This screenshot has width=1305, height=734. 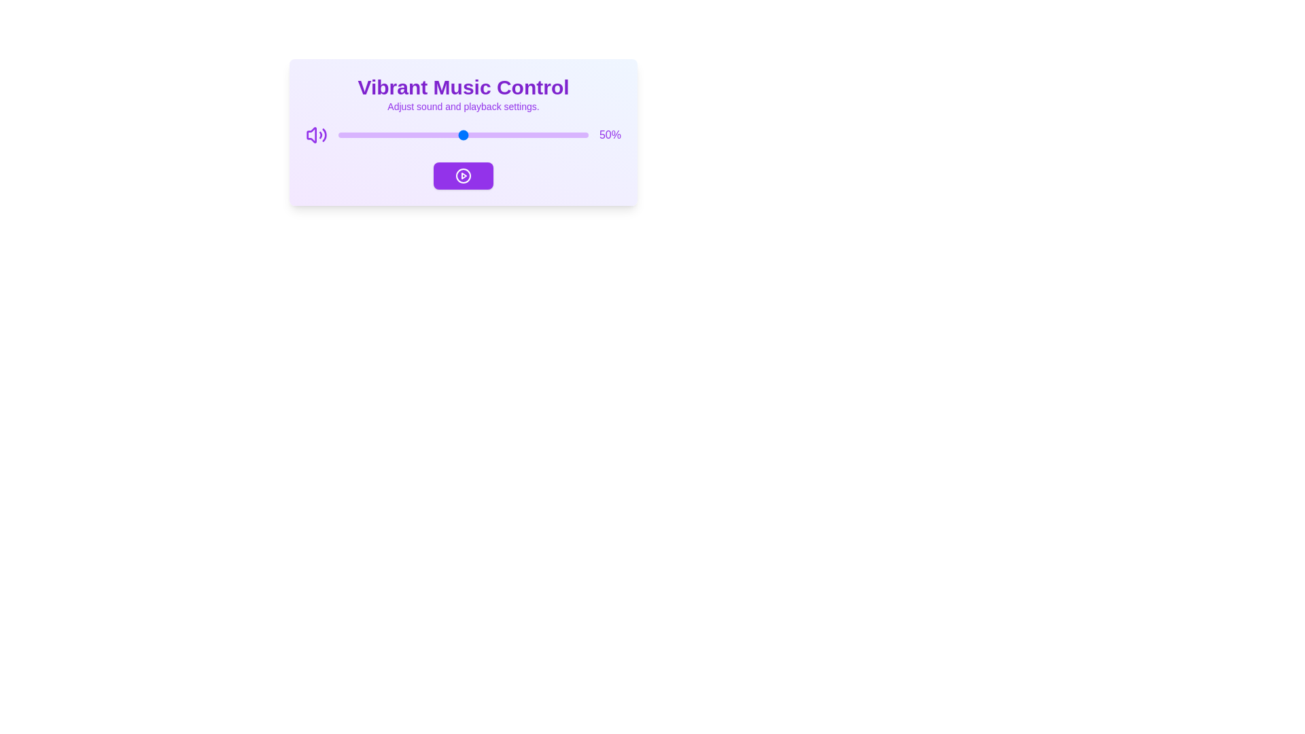 What do you see at coordinates (489, 135) in the screenshot?
I see `the volume slider to 61%` at bounding box center [489, 135].